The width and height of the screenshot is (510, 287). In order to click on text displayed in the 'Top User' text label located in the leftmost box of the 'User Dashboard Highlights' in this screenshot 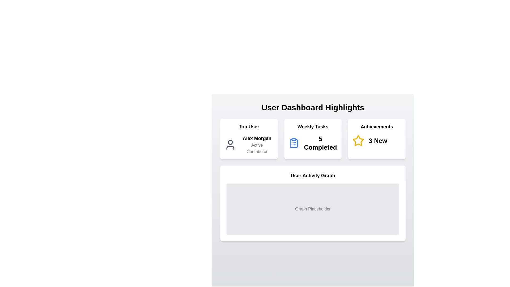, I will do `click(257, 138)`.